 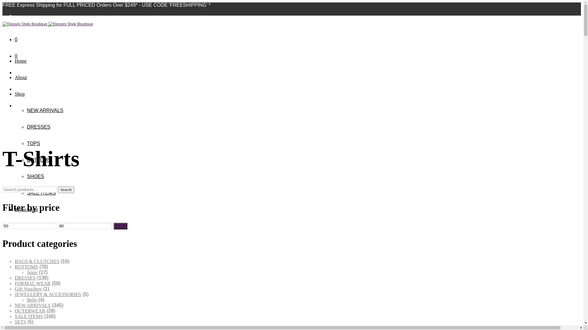 I want to click on 'NEW ARRIVALS', so click(x=45, y=110).